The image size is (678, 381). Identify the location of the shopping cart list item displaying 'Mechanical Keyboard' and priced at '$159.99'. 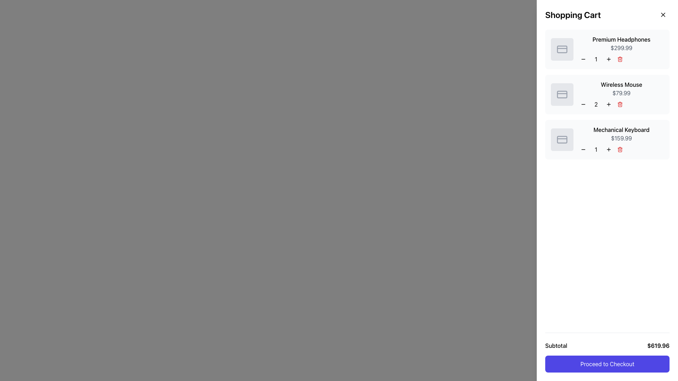
(607, 140).